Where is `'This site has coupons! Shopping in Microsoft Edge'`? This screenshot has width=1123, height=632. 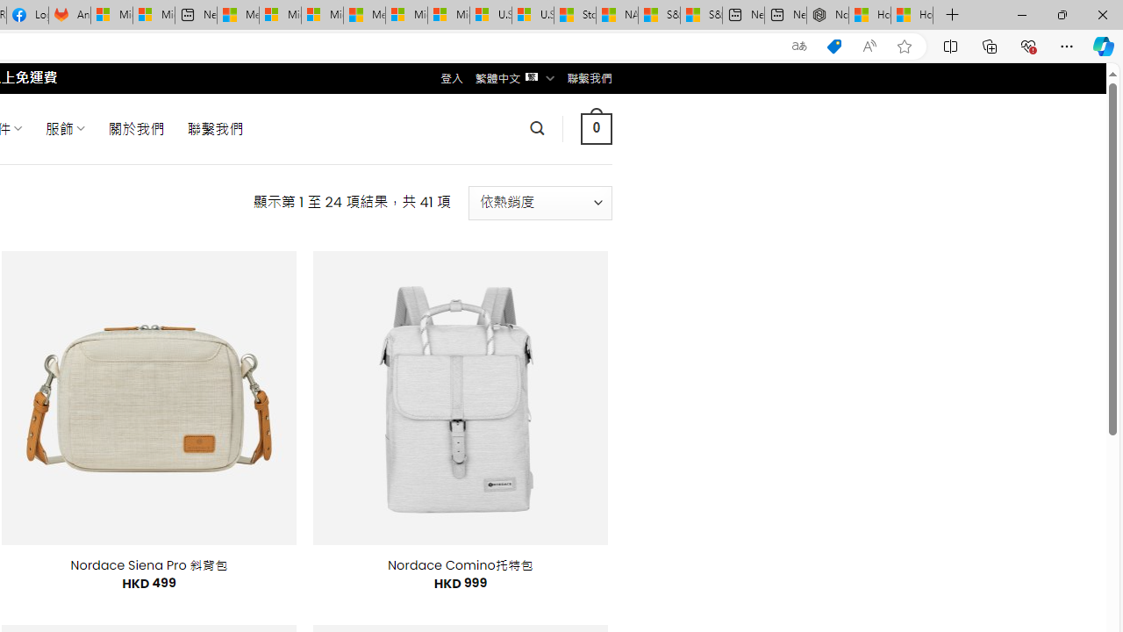
'This site has coupons! Shopping in Microsoft Edge' is located at coordinates (833, 46).